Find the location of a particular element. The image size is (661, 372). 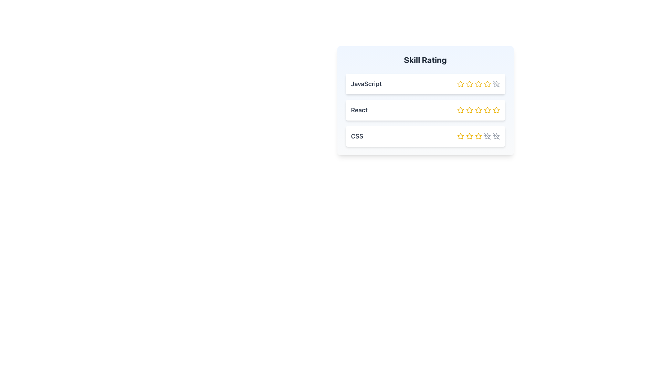

the rightmost star icon in the Skill Rating section is located at coordinates (496, 83).